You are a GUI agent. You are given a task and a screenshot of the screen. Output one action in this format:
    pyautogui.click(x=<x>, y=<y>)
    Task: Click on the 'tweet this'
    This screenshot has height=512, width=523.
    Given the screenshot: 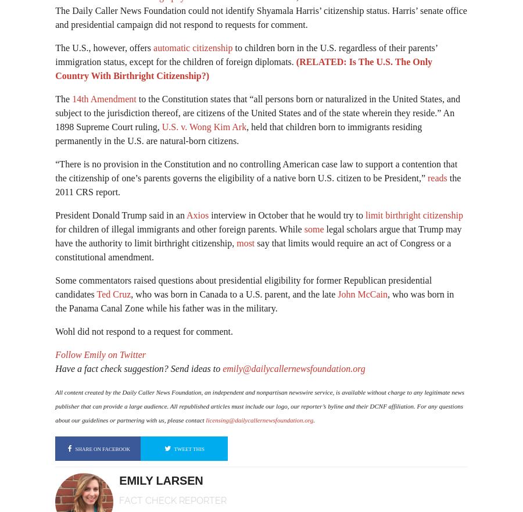 What is the action you would take?
    pyautogui.click(x=172, y=448)
    